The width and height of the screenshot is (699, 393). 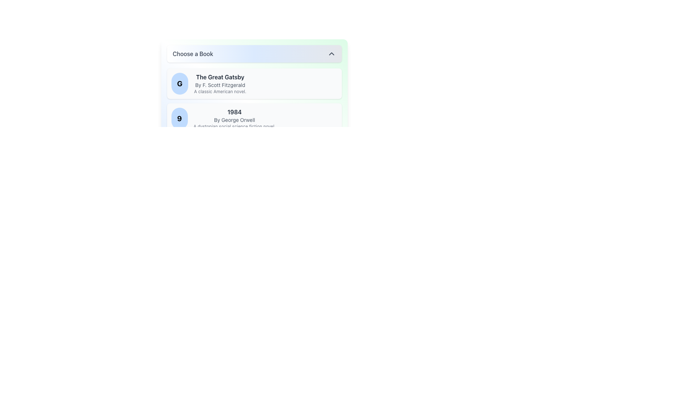 What do you see at coordinates (331, 53) in the screenshot?
I see `the chevron-shaped icon pointing upwards located on the right edge of the 'Choose a Book' section header` at bounding box center [331, 53].